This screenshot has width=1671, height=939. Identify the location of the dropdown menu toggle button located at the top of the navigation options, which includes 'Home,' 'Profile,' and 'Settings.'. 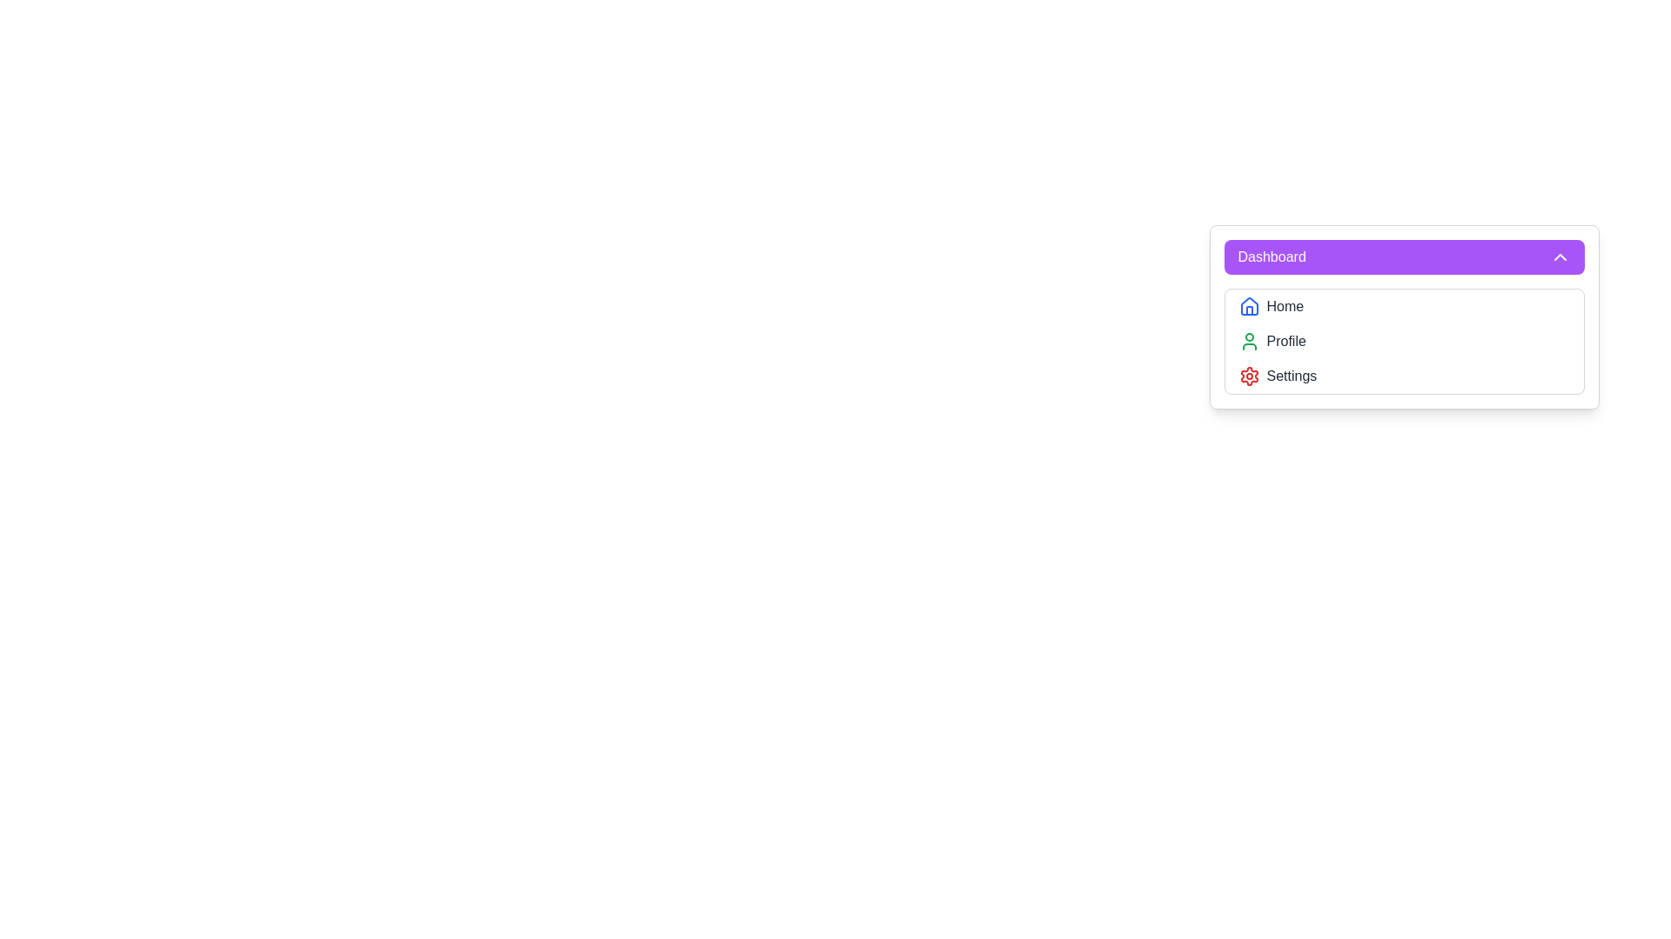
(1404, 257).